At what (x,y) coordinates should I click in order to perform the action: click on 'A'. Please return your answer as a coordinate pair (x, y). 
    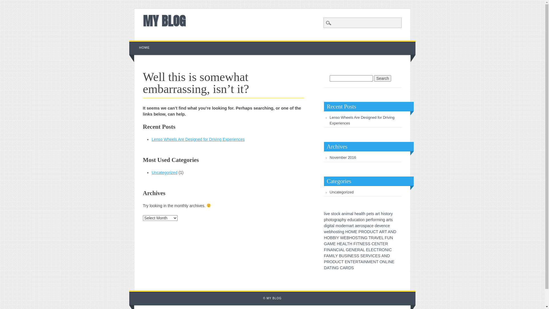
    Looking at the image, I should click on (331, 249).